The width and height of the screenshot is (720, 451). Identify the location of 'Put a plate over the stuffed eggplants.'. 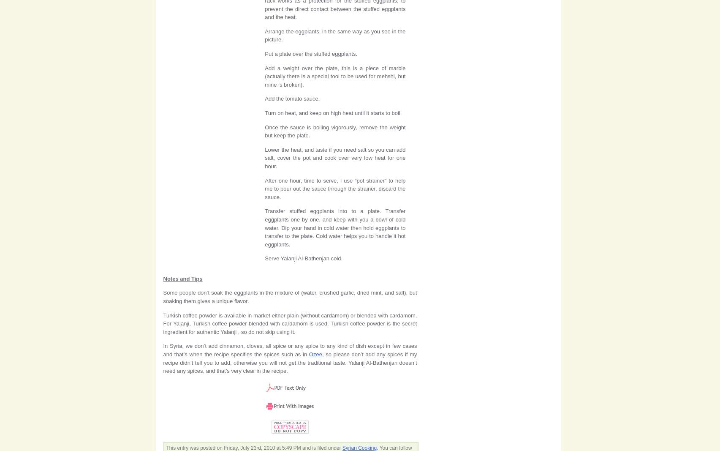
(311, 53).